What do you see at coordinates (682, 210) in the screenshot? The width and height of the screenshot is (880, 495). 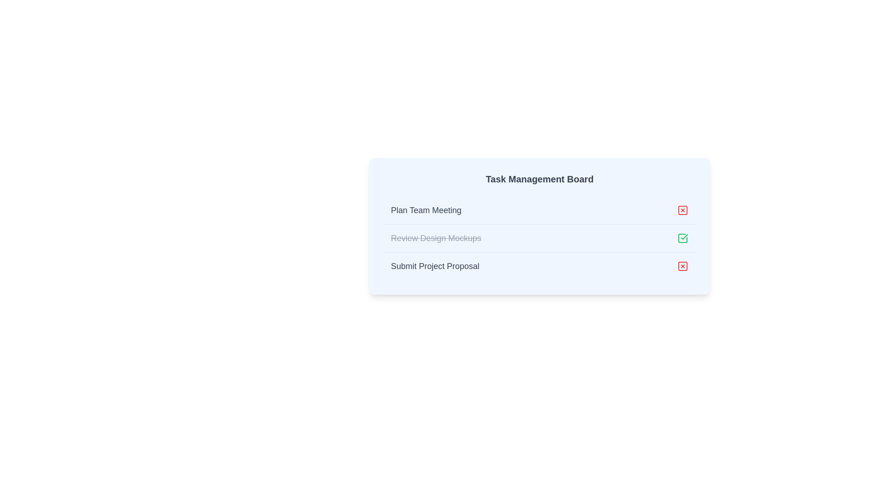 I see `the background icon of the red cross for deleting the 'Plan Team Meeting' task located in the top-right corner of the task row on the Task Management Board` at bounding box center [682, 210].